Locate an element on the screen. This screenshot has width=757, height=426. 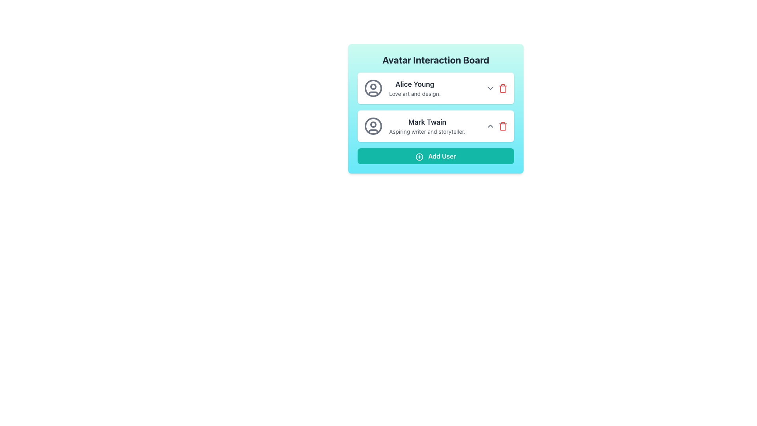
the text display that shows 'Mark Twain', which is styled in bold and larger size, located in the user card section below 'Alice Young' is located at coordinates (427, 122).